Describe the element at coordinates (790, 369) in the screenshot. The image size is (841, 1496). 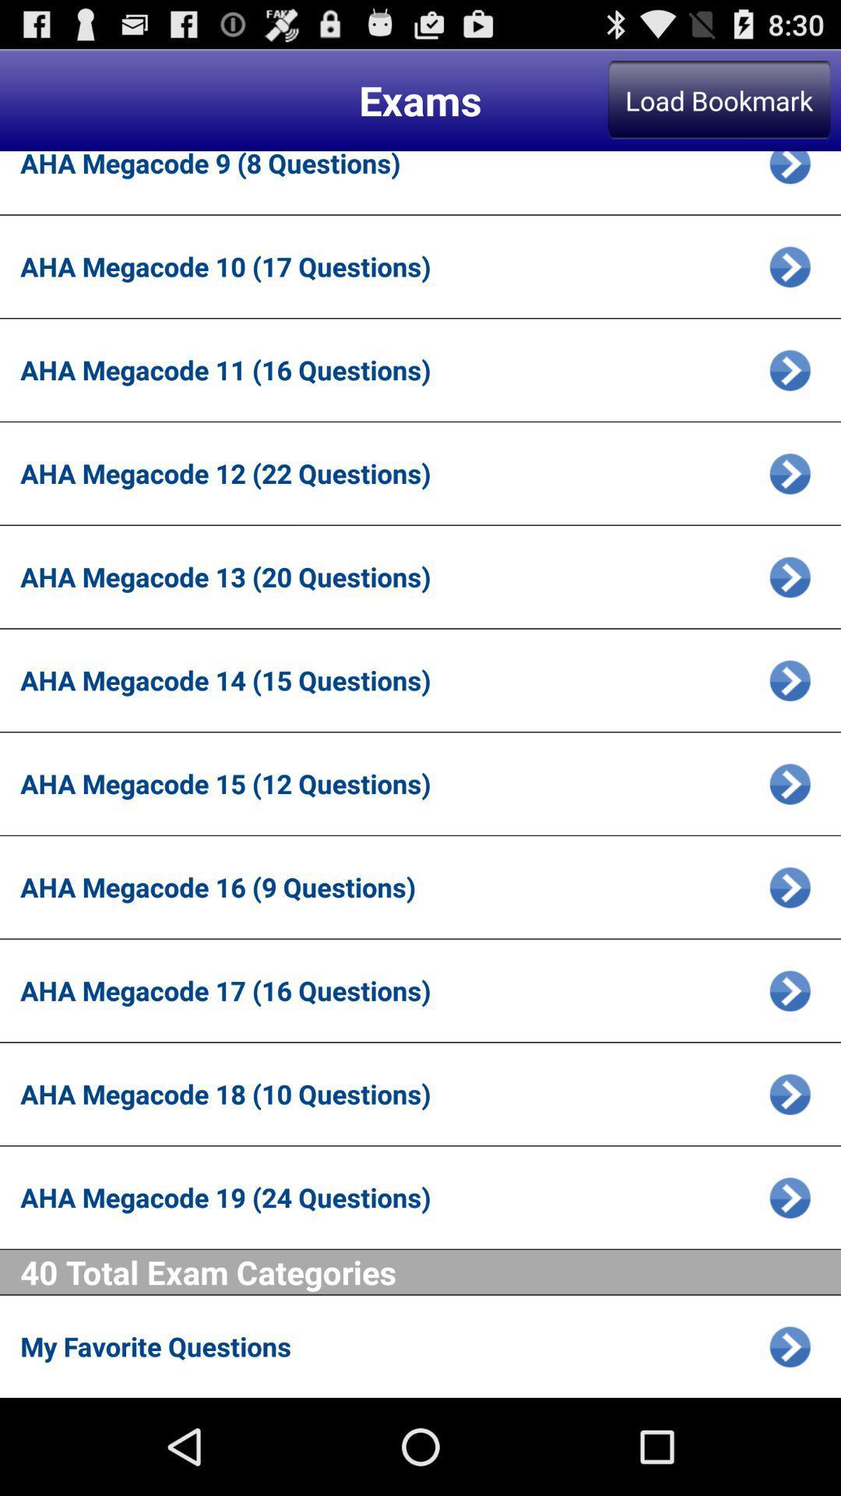
I see `more details` at that location.